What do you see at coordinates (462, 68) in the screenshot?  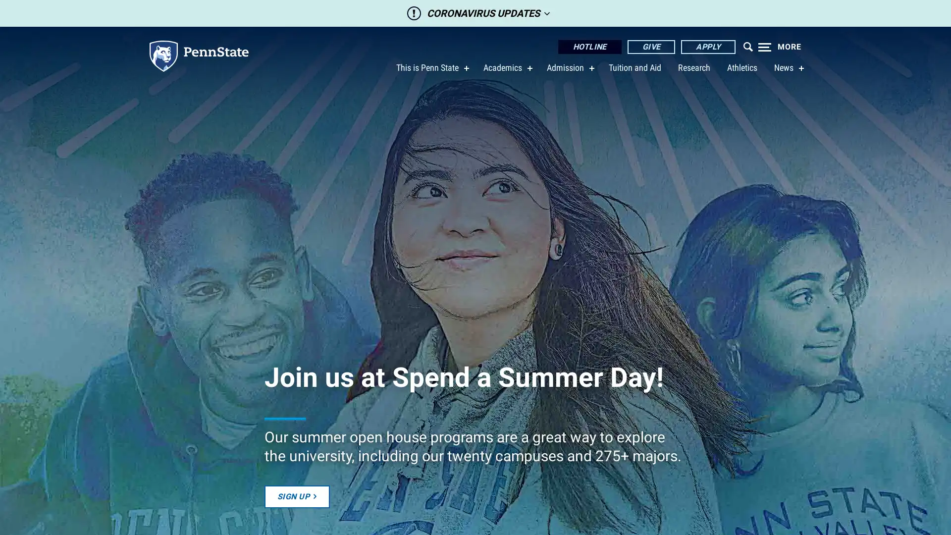 I see `show submenu for This is Penn State` at bounding box center [462, 68].